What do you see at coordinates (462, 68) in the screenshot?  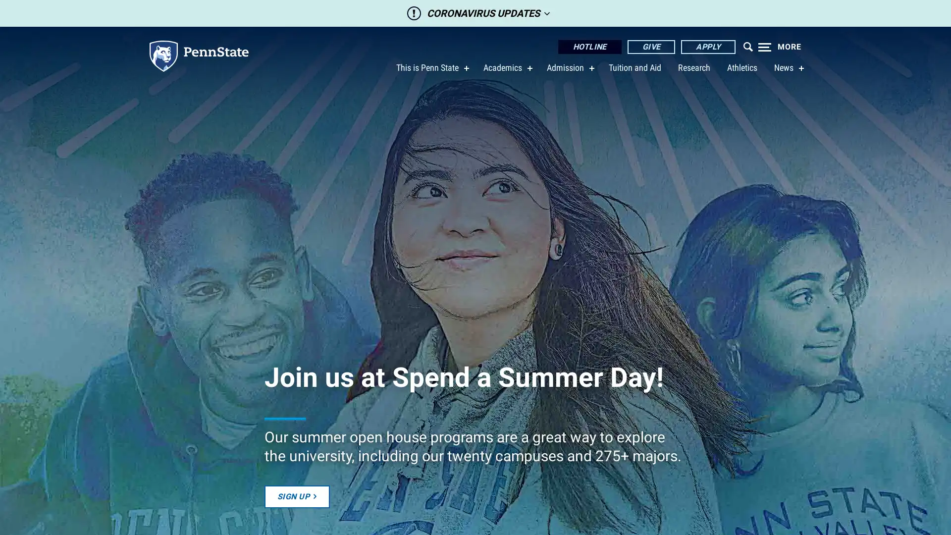 I see `show submenu for This is Penn State` at bounding box center [462, 68].